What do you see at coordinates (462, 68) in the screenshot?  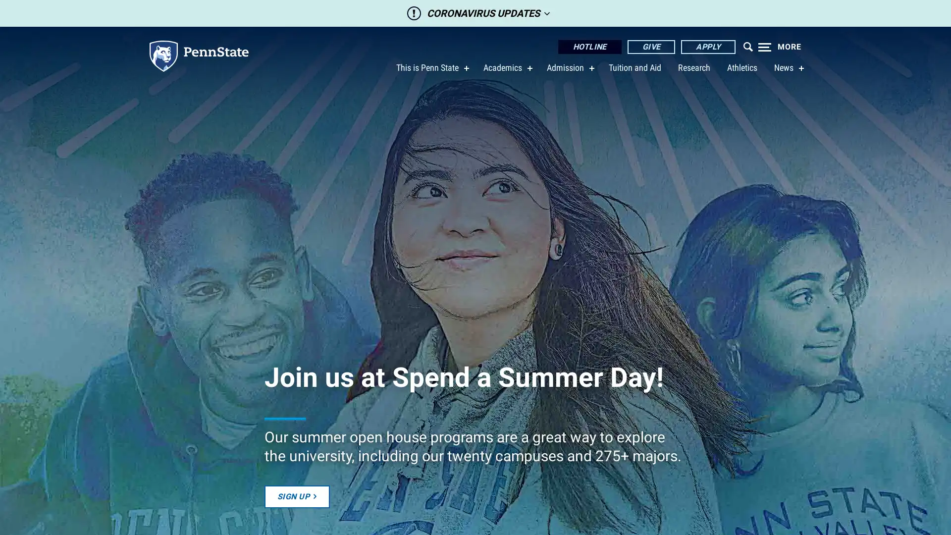 I see `show submenu for This is Penn State` at bounding box center [462, 68].